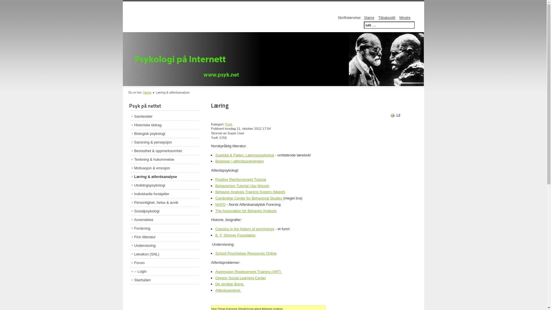  What do you see at coordinates (164, 133) in the screenshot?
I see `'Biologisk psykologi'` at bounding box center [164, 133].